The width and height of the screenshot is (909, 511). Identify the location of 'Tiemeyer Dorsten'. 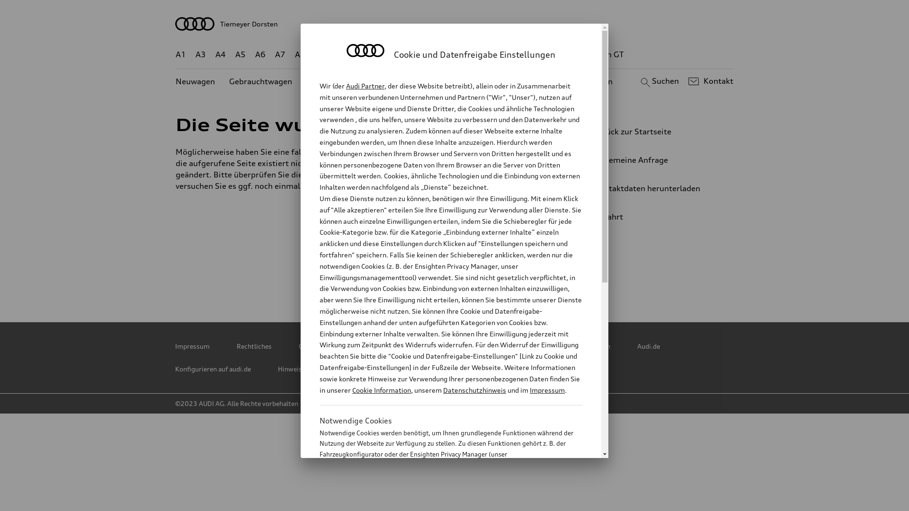
(454, 23).